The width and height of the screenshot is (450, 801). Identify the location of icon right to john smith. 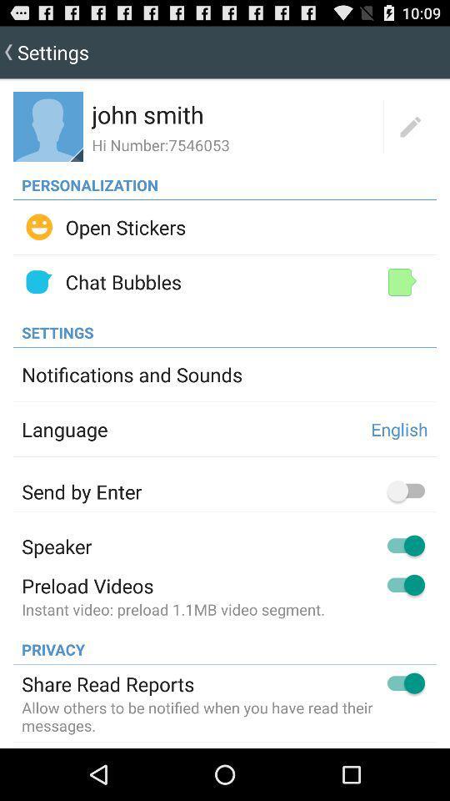
(409, 126).